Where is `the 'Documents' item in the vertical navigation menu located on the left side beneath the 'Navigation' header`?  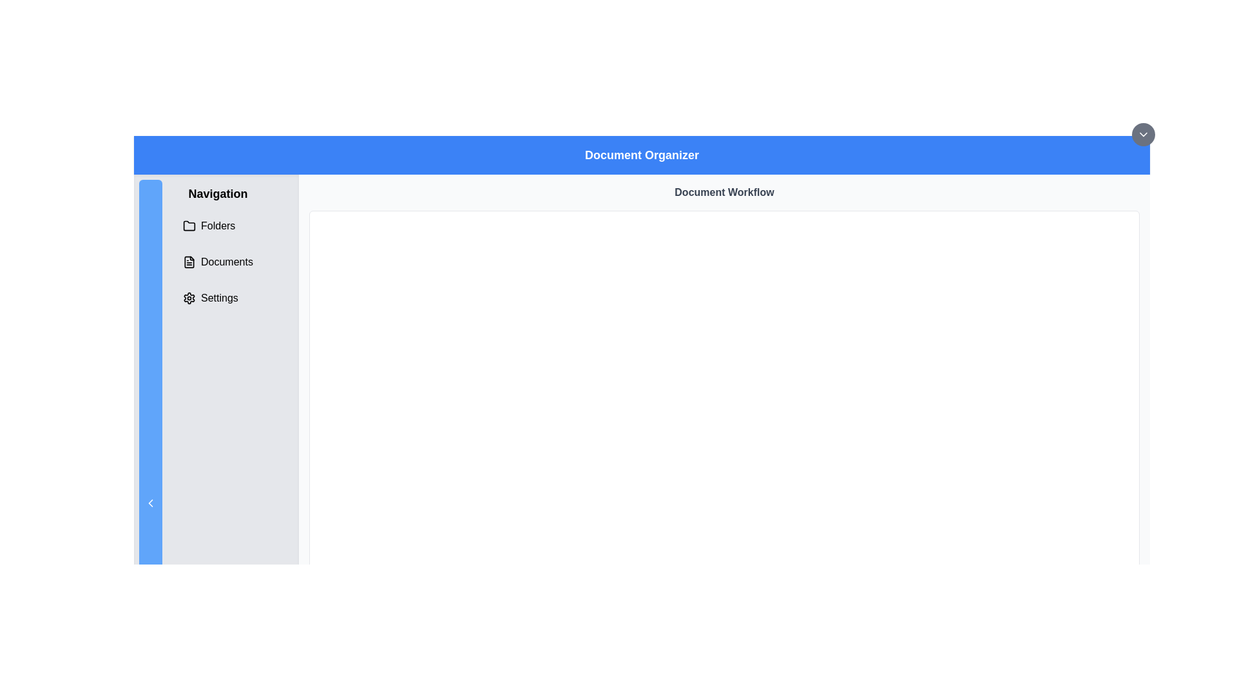
the 'Documents' item in the vertical navigation menu located on the left side beneath the 'Navigation' header is located at coordinates (218, 262).